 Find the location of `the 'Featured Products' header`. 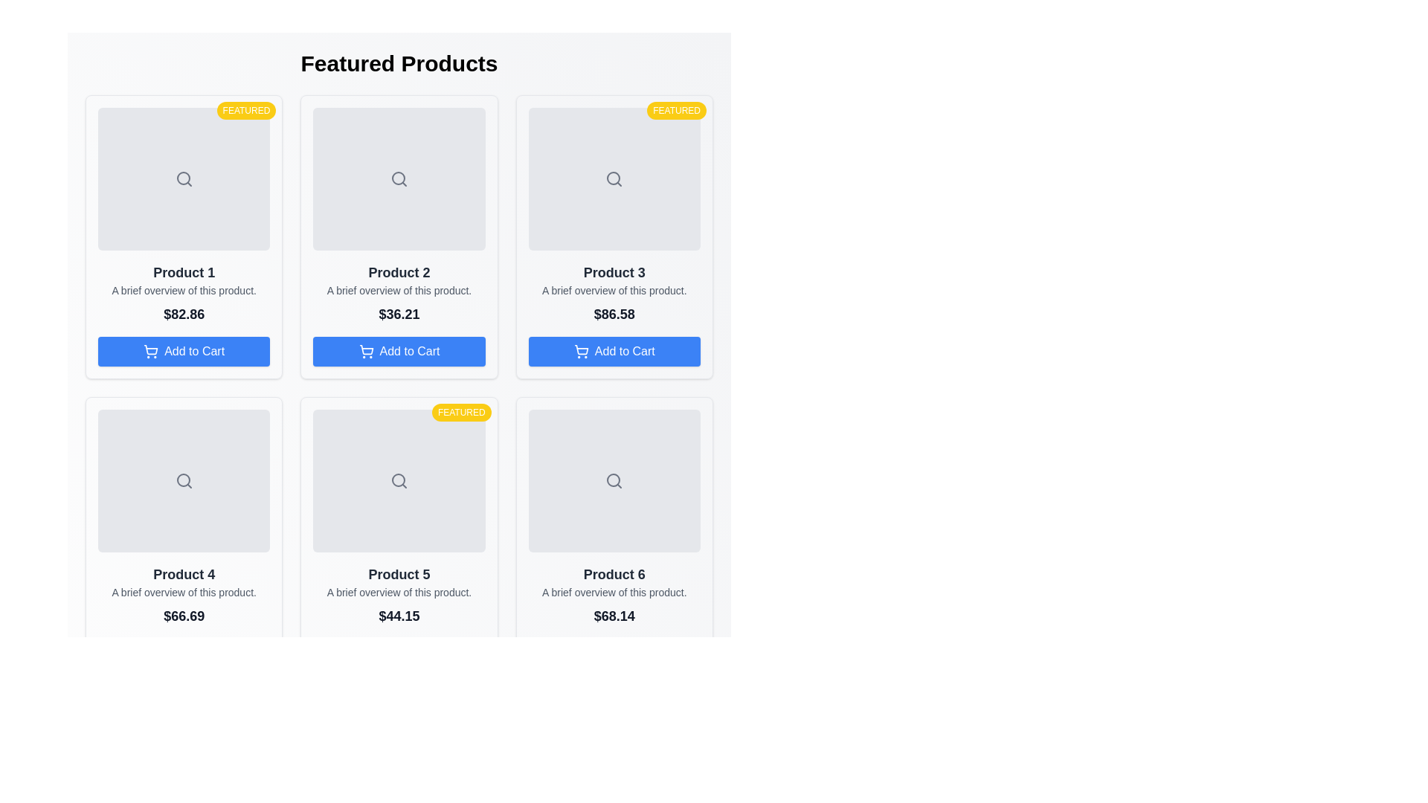

the 'Featured Products' header is located at coordinates (399, 62).